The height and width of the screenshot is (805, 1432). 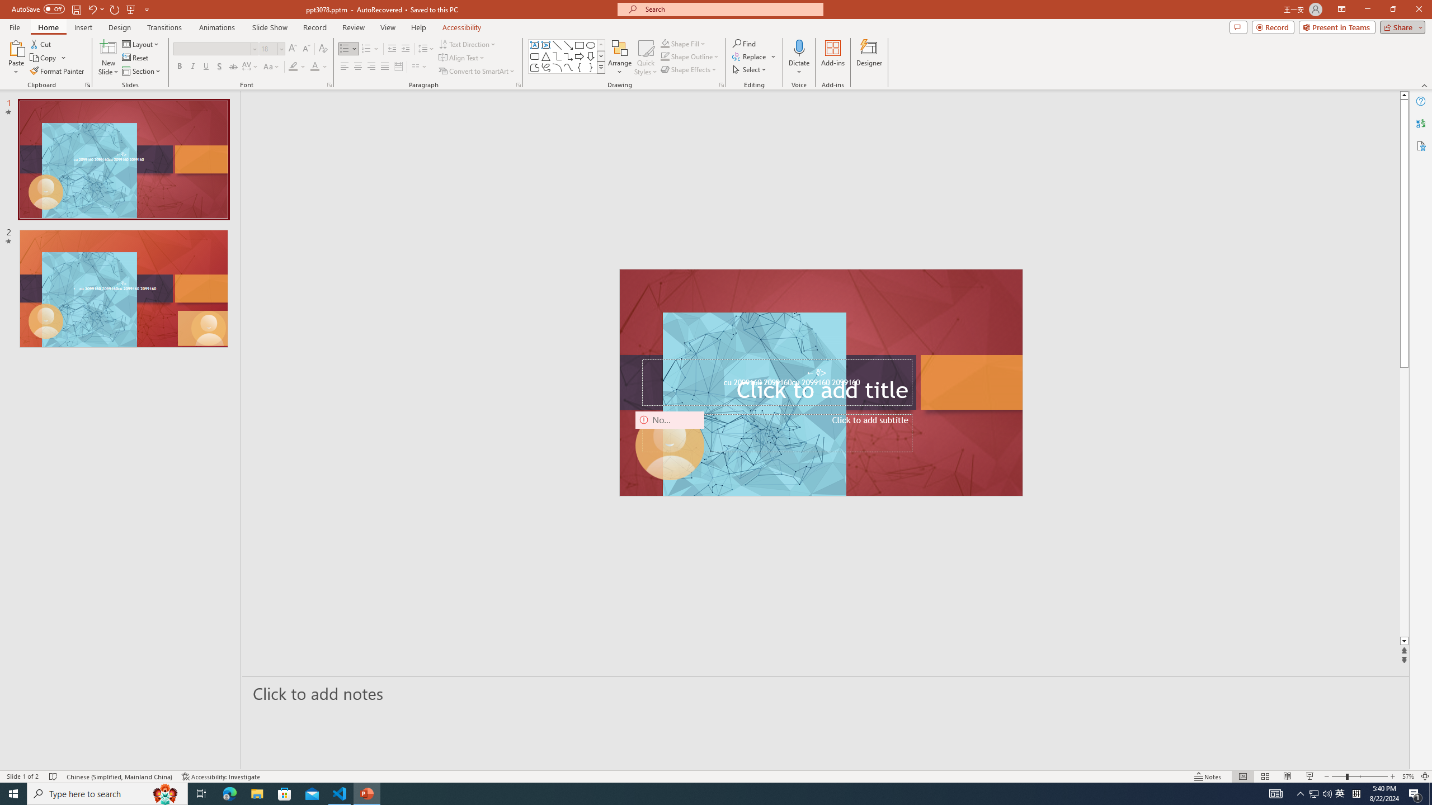 I want to click on 'Layout', so click(x=141, y=44).